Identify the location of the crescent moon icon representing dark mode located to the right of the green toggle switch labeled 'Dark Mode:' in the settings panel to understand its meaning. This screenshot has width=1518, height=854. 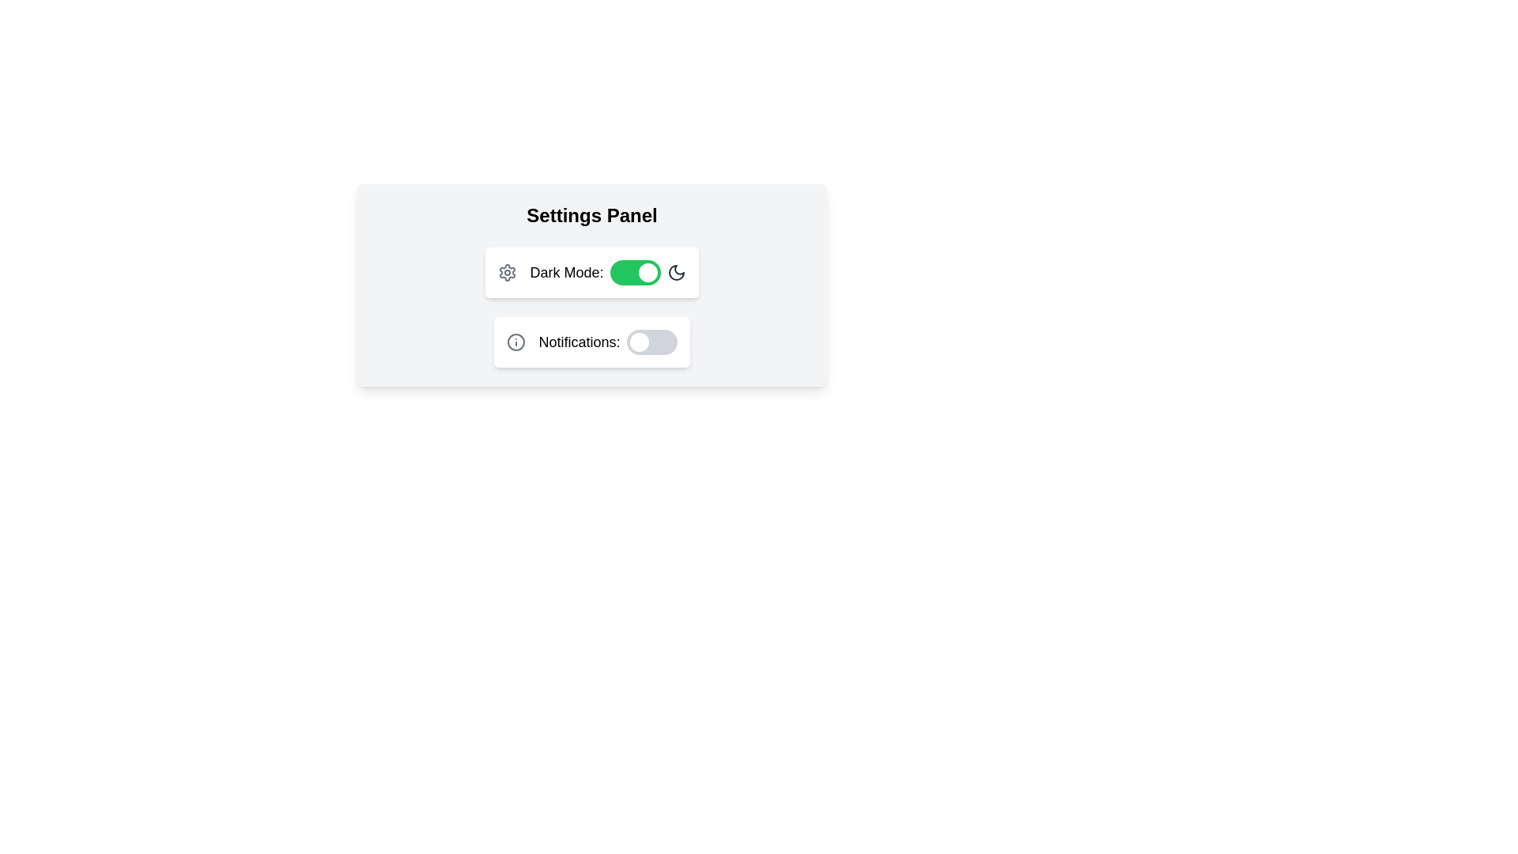
(676, 271).